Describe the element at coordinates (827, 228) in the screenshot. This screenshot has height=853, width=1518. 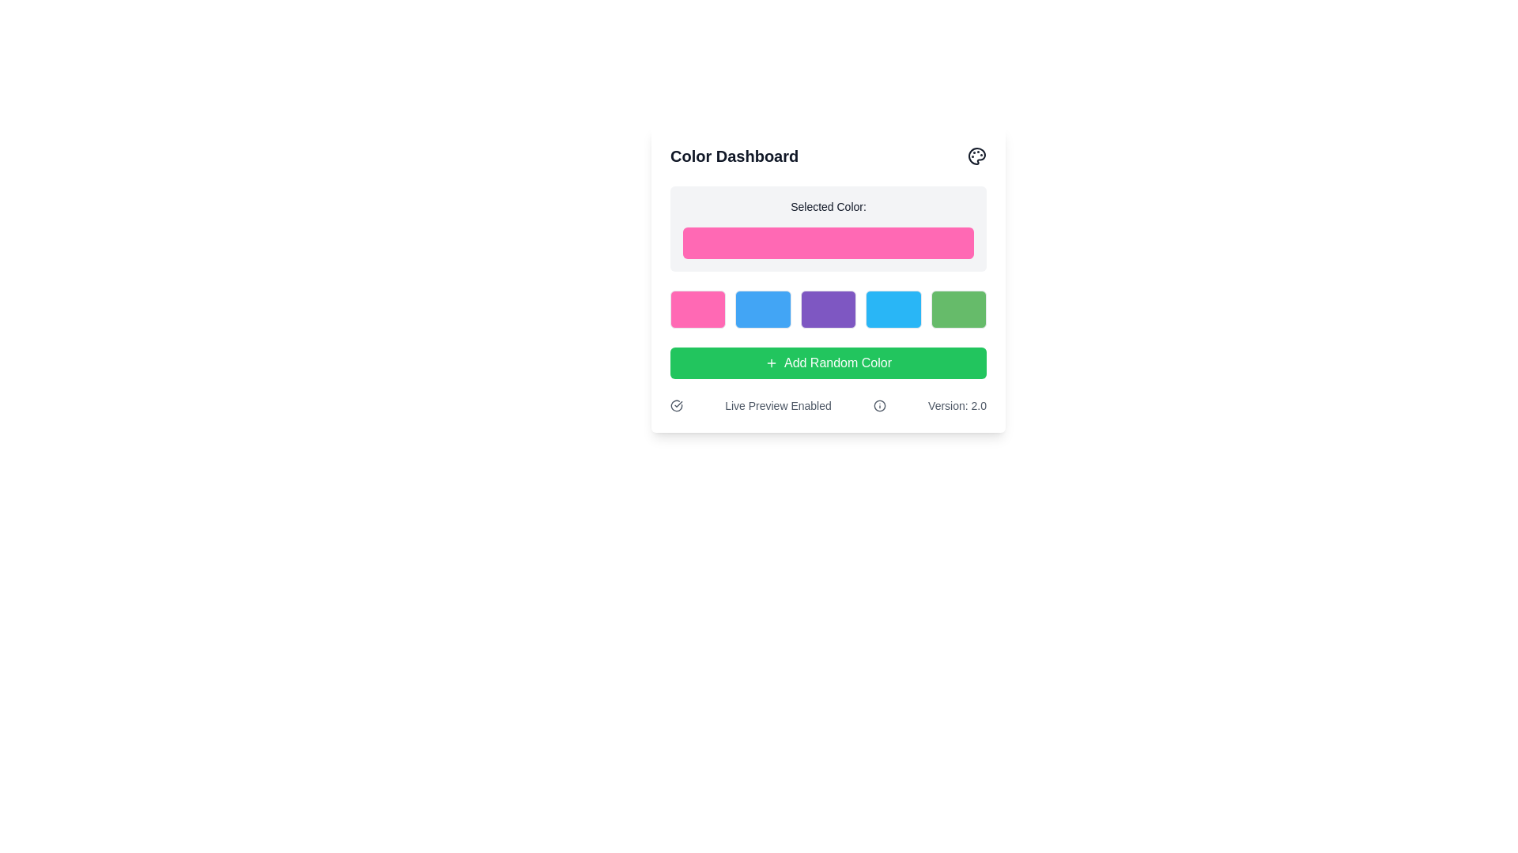
I see `the Informational Display element labeled 'Selected Color:' which shows the selected color in vivid pink within the Color Dashboard interface` at that location.